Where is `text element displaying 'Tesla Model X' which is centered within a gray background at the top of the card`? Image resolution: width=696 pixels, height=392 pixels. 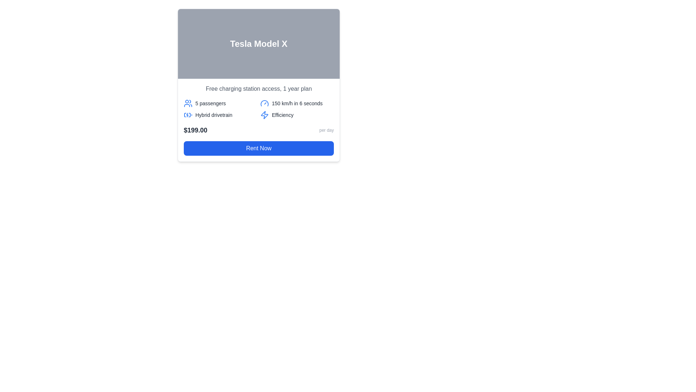
text element displaying 'Tesla Model X' which is centered within a gray background at the top of the card is located at coordinates (259, 44).